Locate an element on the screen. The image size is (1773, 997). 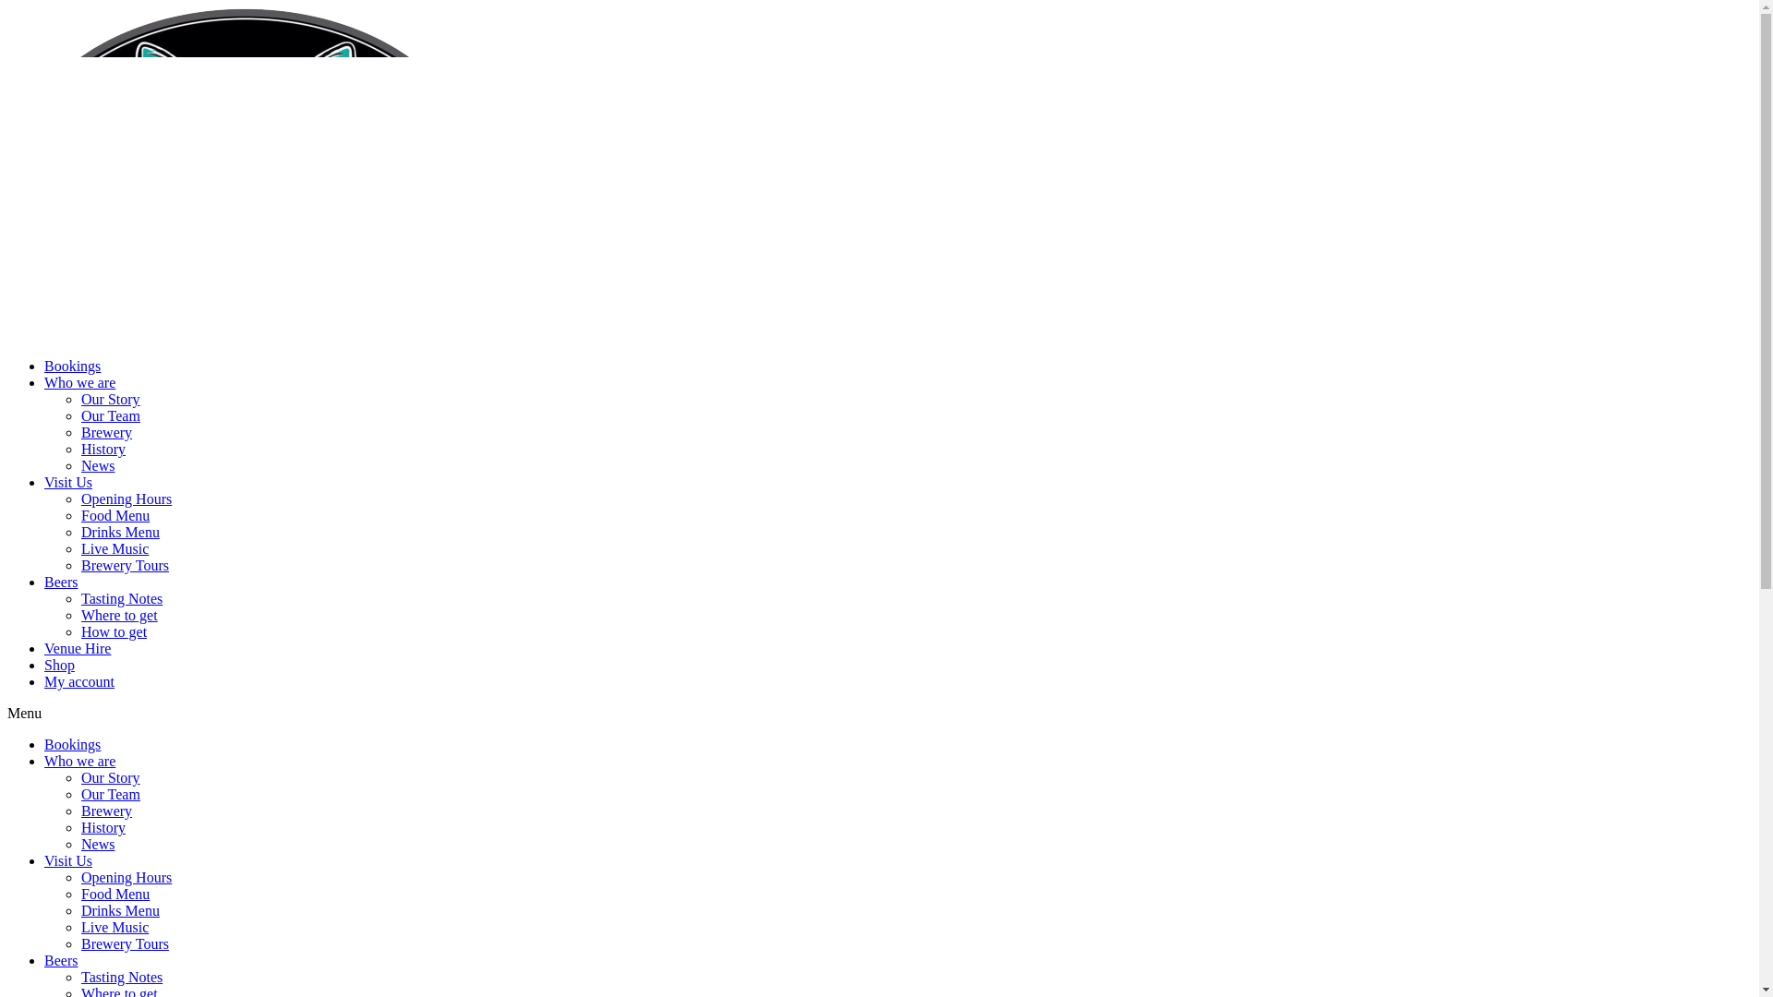
'Opening Hours' is located at coordinates (126, 876).